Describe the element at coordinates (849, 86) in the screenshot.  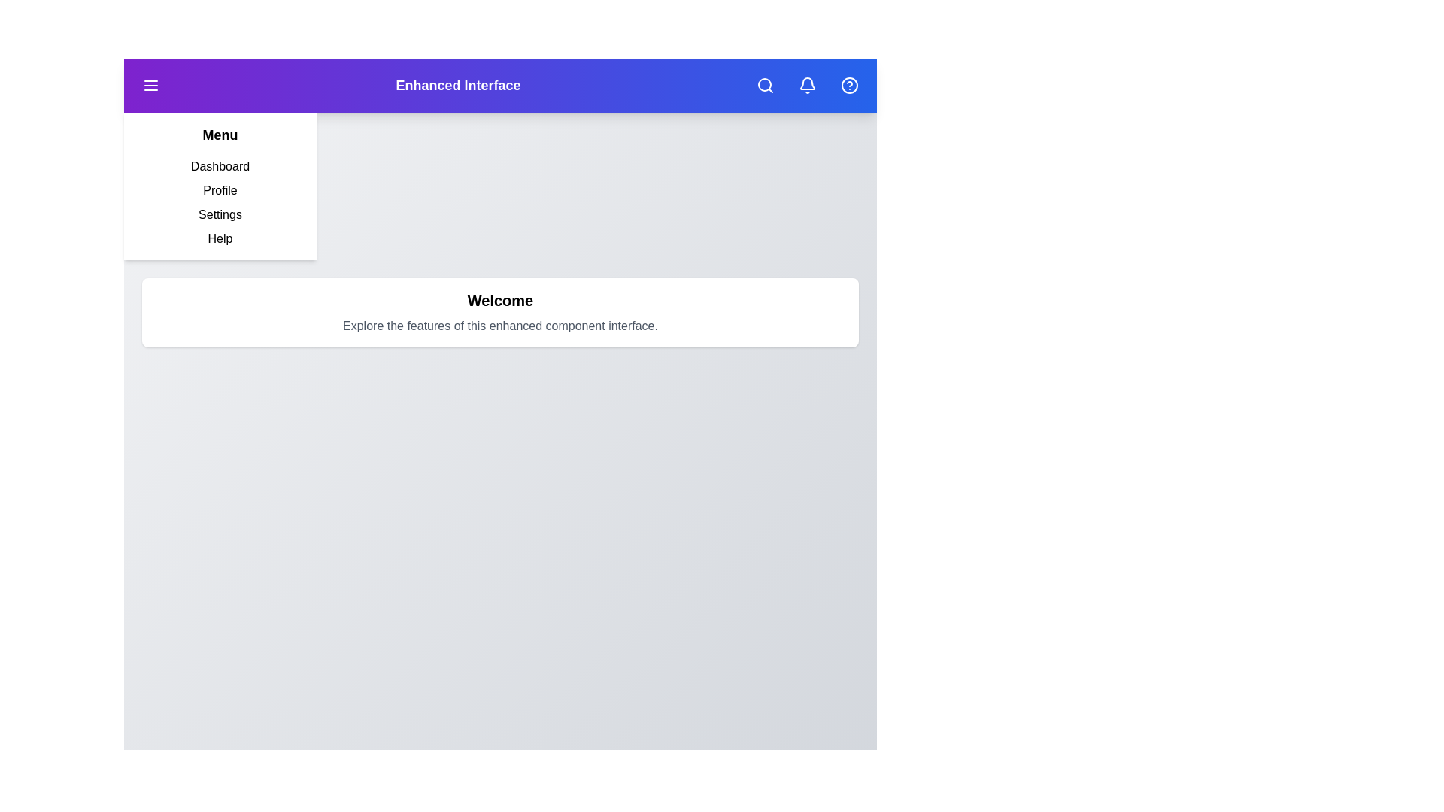
I see `the help icon located in the top-right corner of the app bar` at that location.